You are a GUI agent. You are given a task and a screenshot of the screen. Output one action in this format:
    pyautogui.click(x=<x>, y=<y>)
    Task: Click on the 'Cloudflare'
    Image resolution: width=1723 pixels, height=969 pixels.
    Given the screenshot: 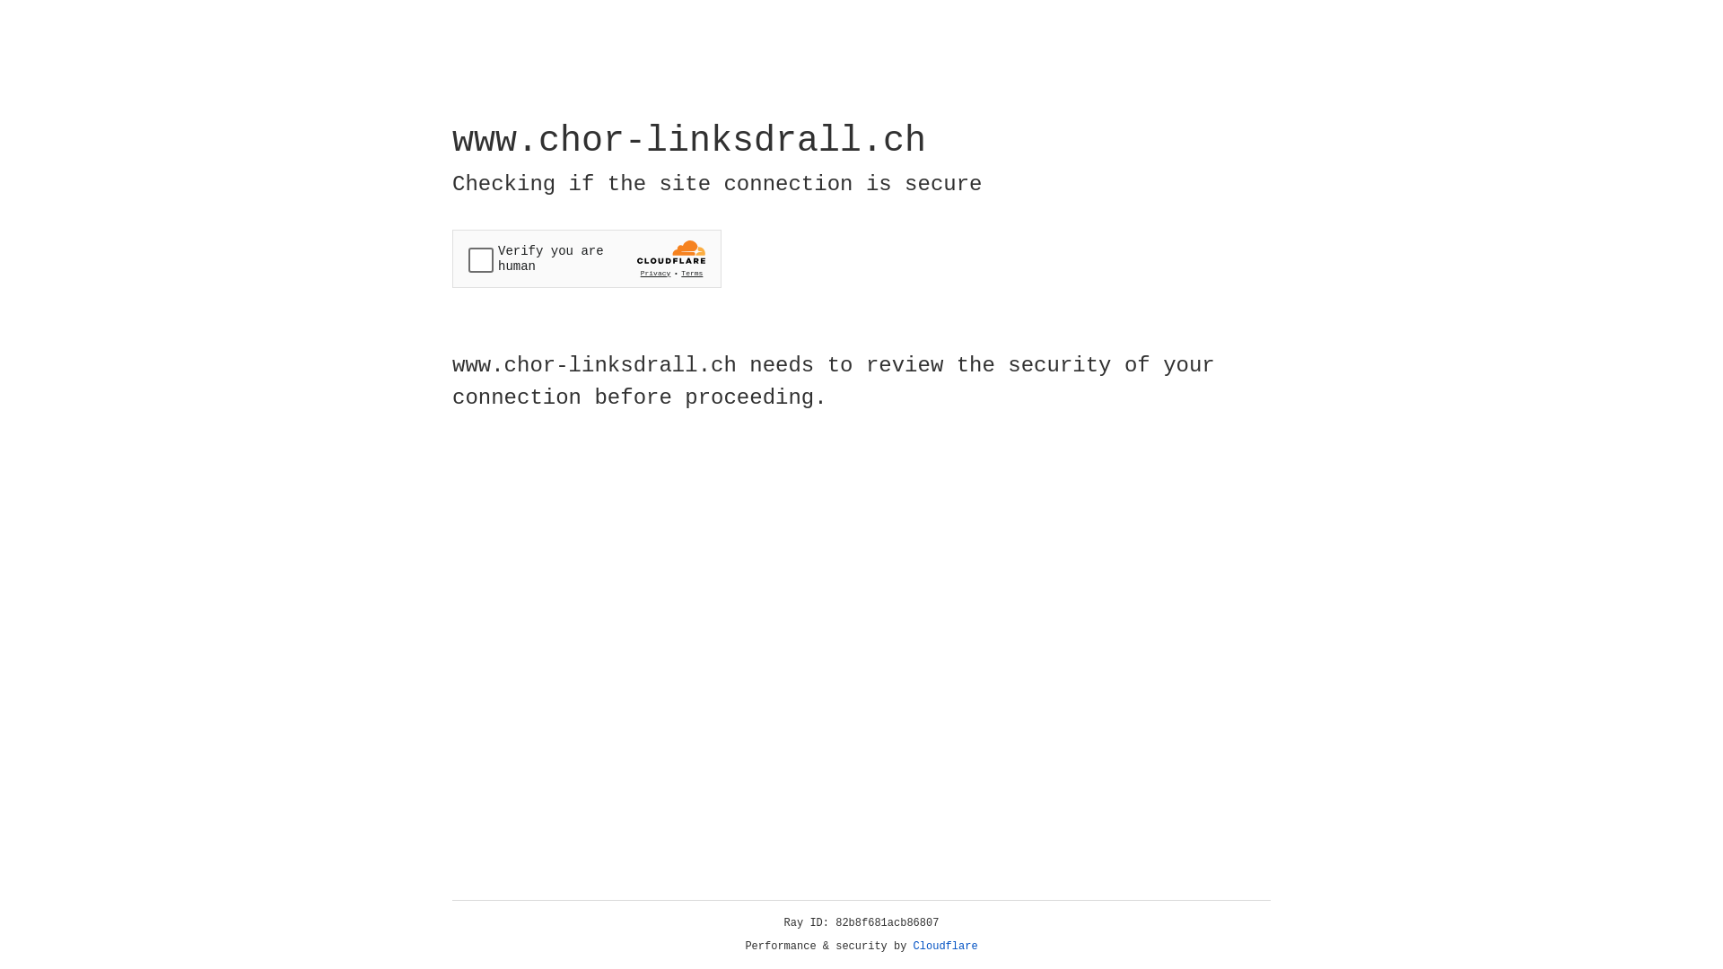 What is the action you would take?
    pyautogui.click(x=945, y=946)
    